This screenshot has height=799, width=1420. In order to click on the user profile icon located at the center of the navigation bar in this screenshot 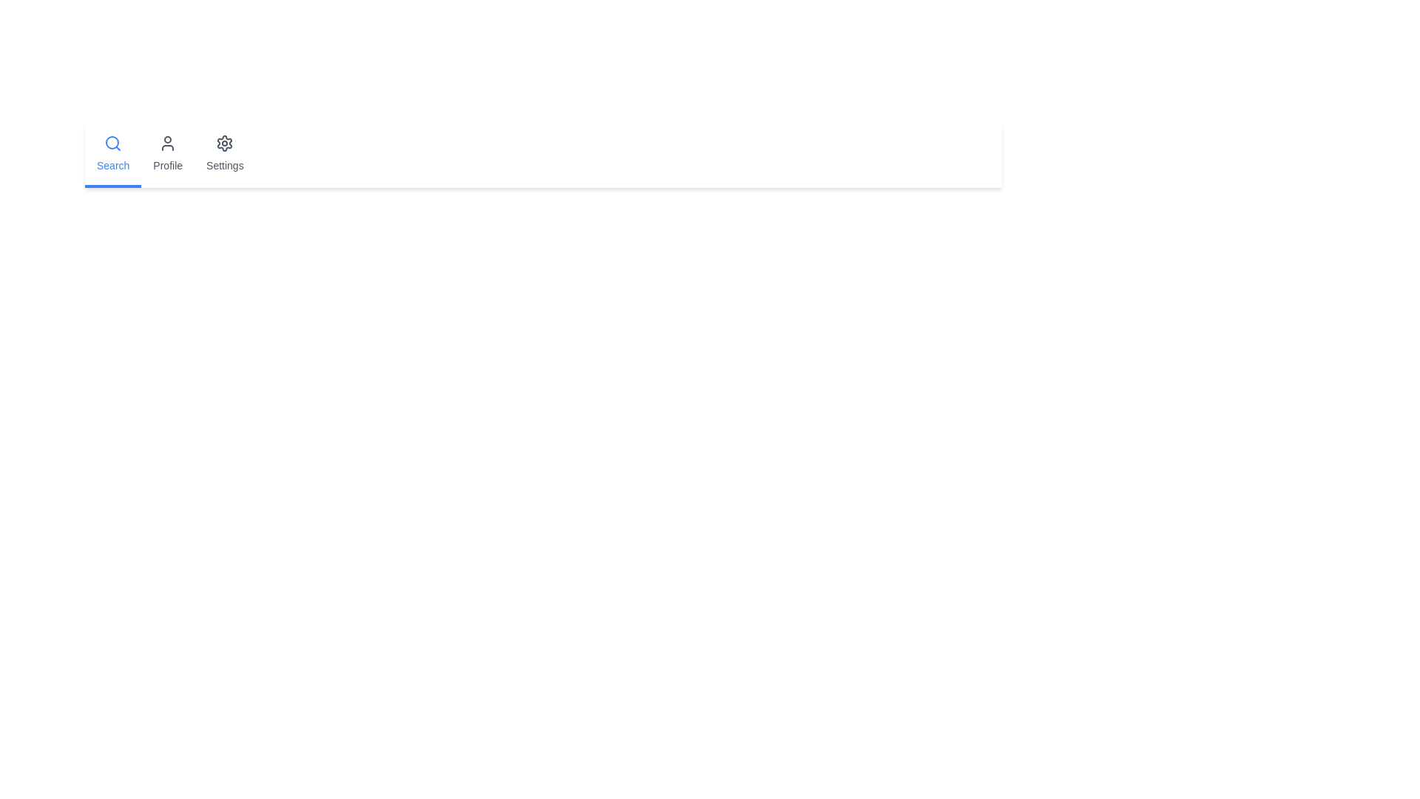, I will do `click(168, 143)`.